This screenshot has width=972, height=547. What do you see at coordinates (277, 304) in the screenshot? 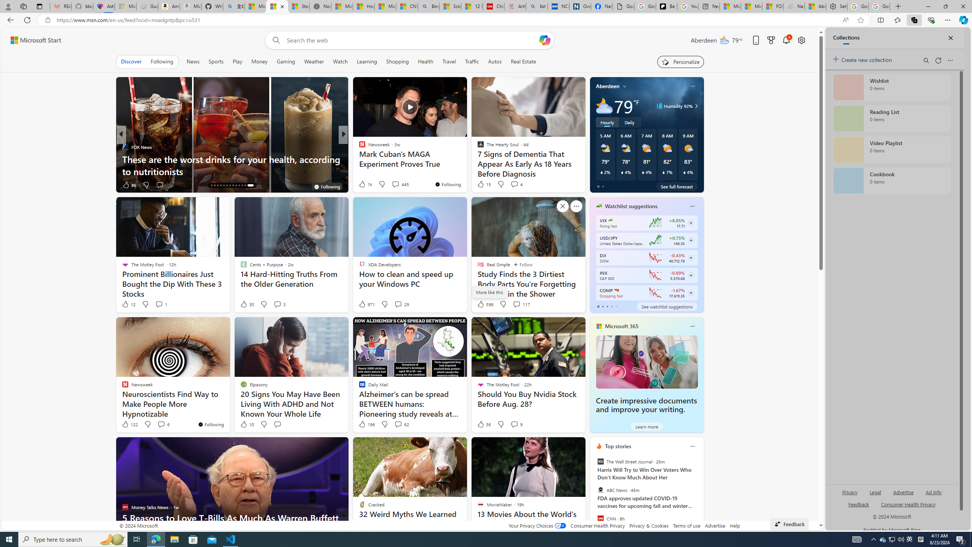
I see `'View comments 3 Comment'` at bounding box center [277, 304].